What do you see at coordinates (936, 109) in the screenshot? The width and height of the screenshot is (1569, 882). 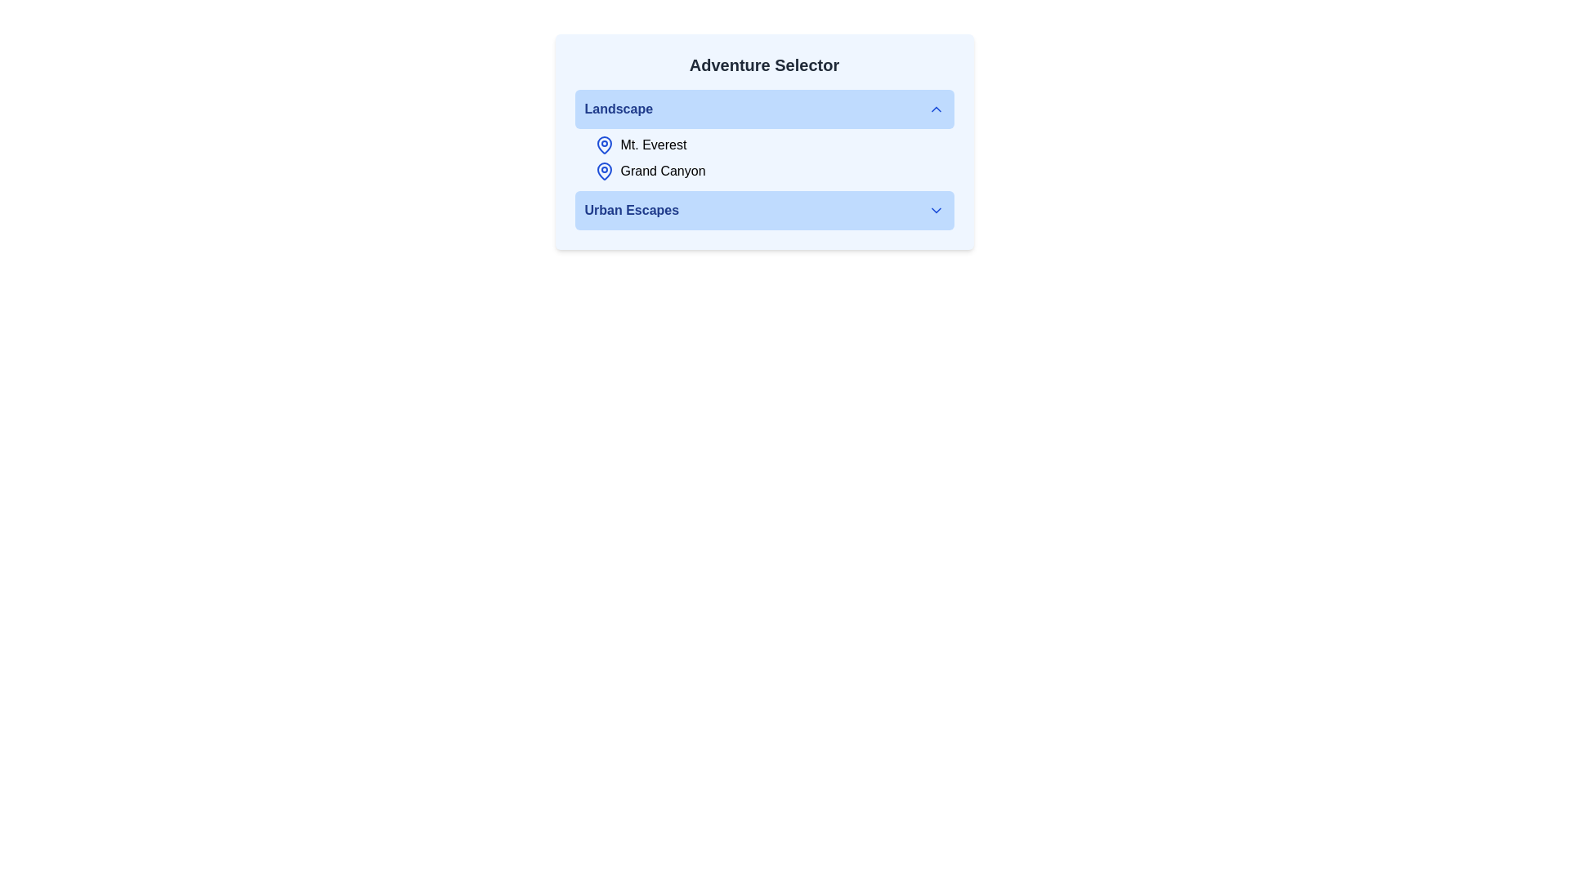 I see `the small upward-pointing blue chevron icon located at the far right end of the 'Landscape' rectangle in the 'Adventure Selector' interface` at bounding box center [936, 109].